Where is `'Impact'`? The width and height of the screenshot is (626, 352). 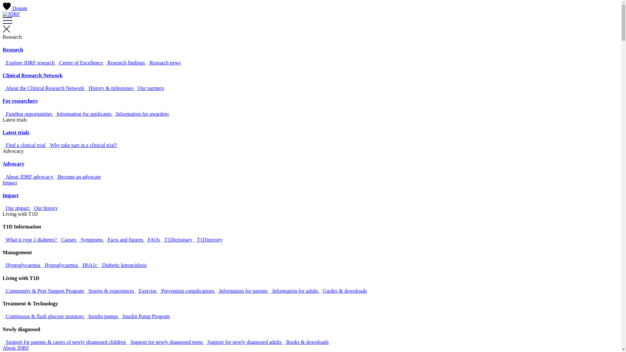
'Impact' is located at coordinates (10, 195).